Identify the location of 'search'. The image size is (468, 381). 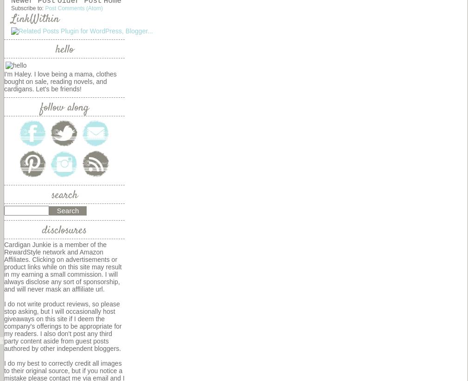
(63, 195).